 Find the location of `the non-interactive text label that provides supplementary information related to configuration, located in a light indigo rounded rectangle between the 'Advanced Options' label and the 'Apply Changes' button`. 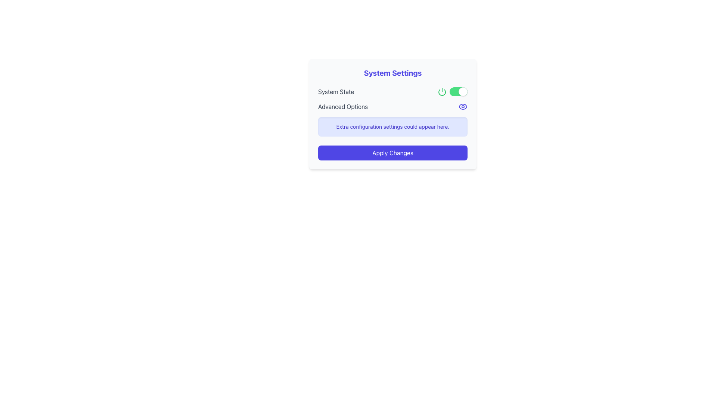

the non-interactive text label that provides supplementary information related to configuration, located in a light indigo rounded rectangle between the 'Advanced Options' label and the 'Apply Changes' button is located at coordinates (392, 126).